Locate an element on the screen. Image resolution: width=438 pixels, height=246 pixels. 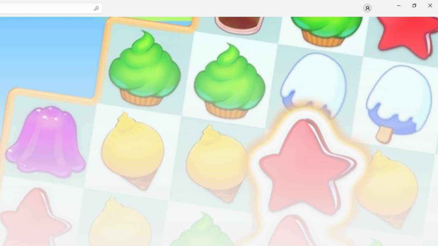
'Minimize Microsoft Store' is located at coordinates (398, 5).